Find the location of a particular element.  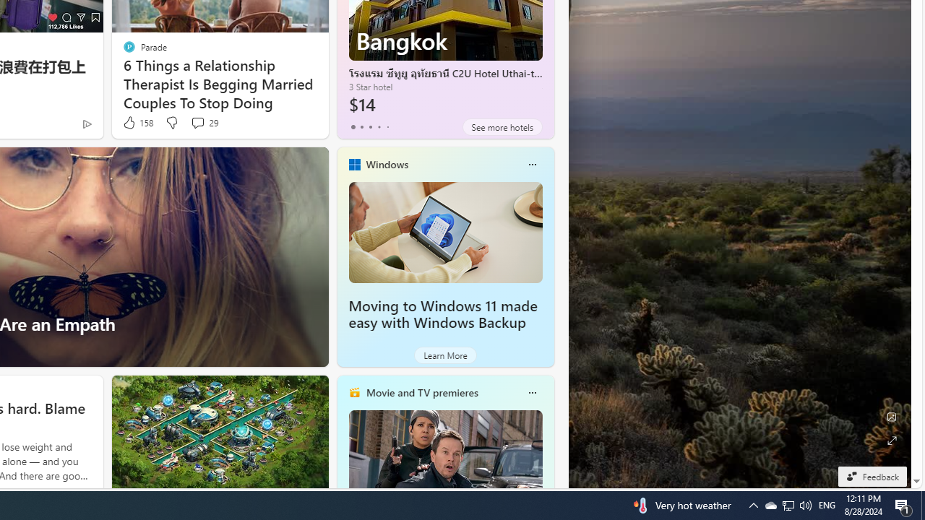

'tab-3' is located at coordinates (379, 126).